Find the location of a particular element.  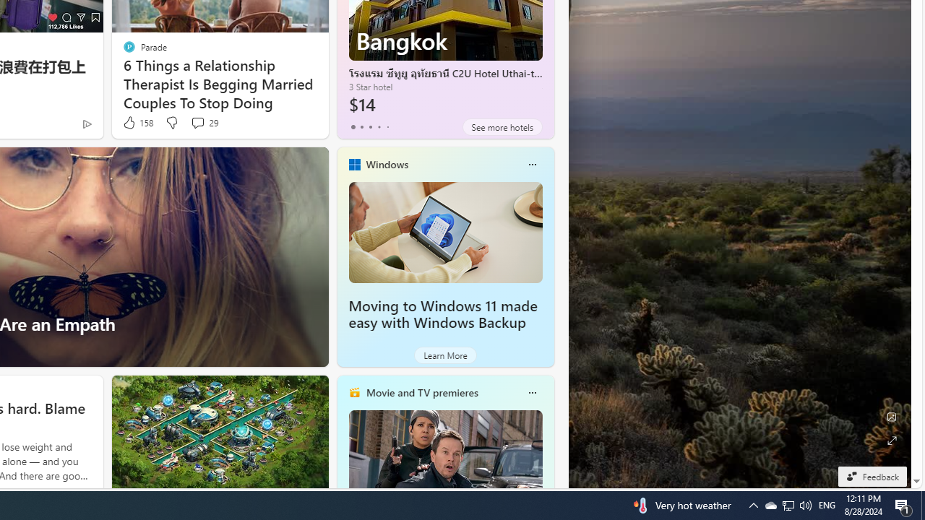

'tab-3' is located at coordinates (379, 126).